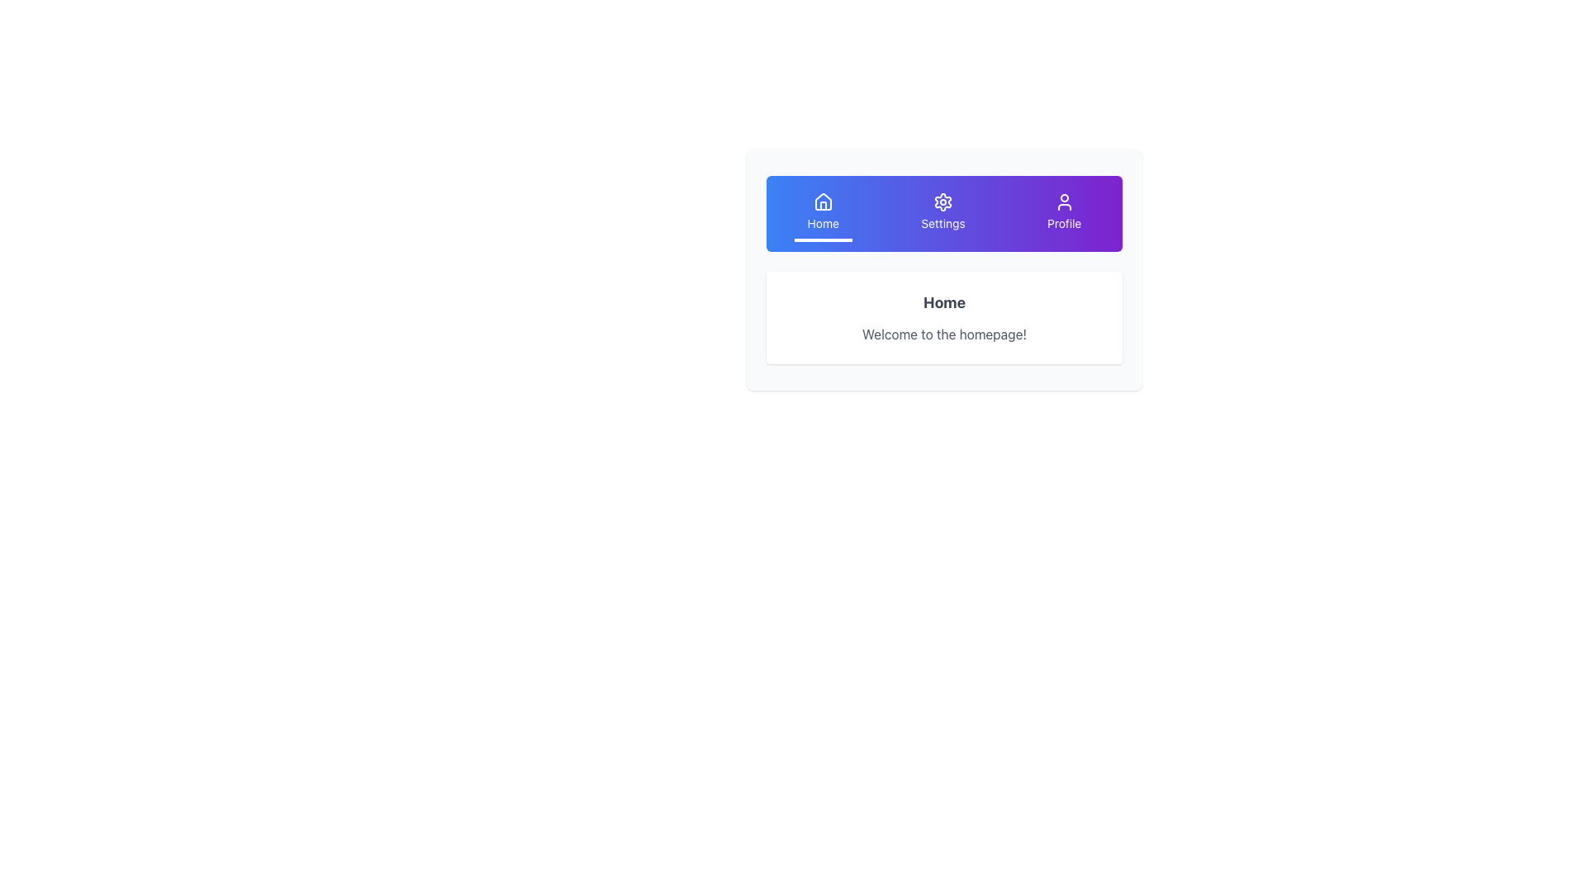 Image resolution: width=1586 pixels, height=892 pixels. I want to click on the 'Home' text label, which is located at the bottom of the button with a house icon, positioned at the leftmost side of the row of buttons, so click(823, 223).